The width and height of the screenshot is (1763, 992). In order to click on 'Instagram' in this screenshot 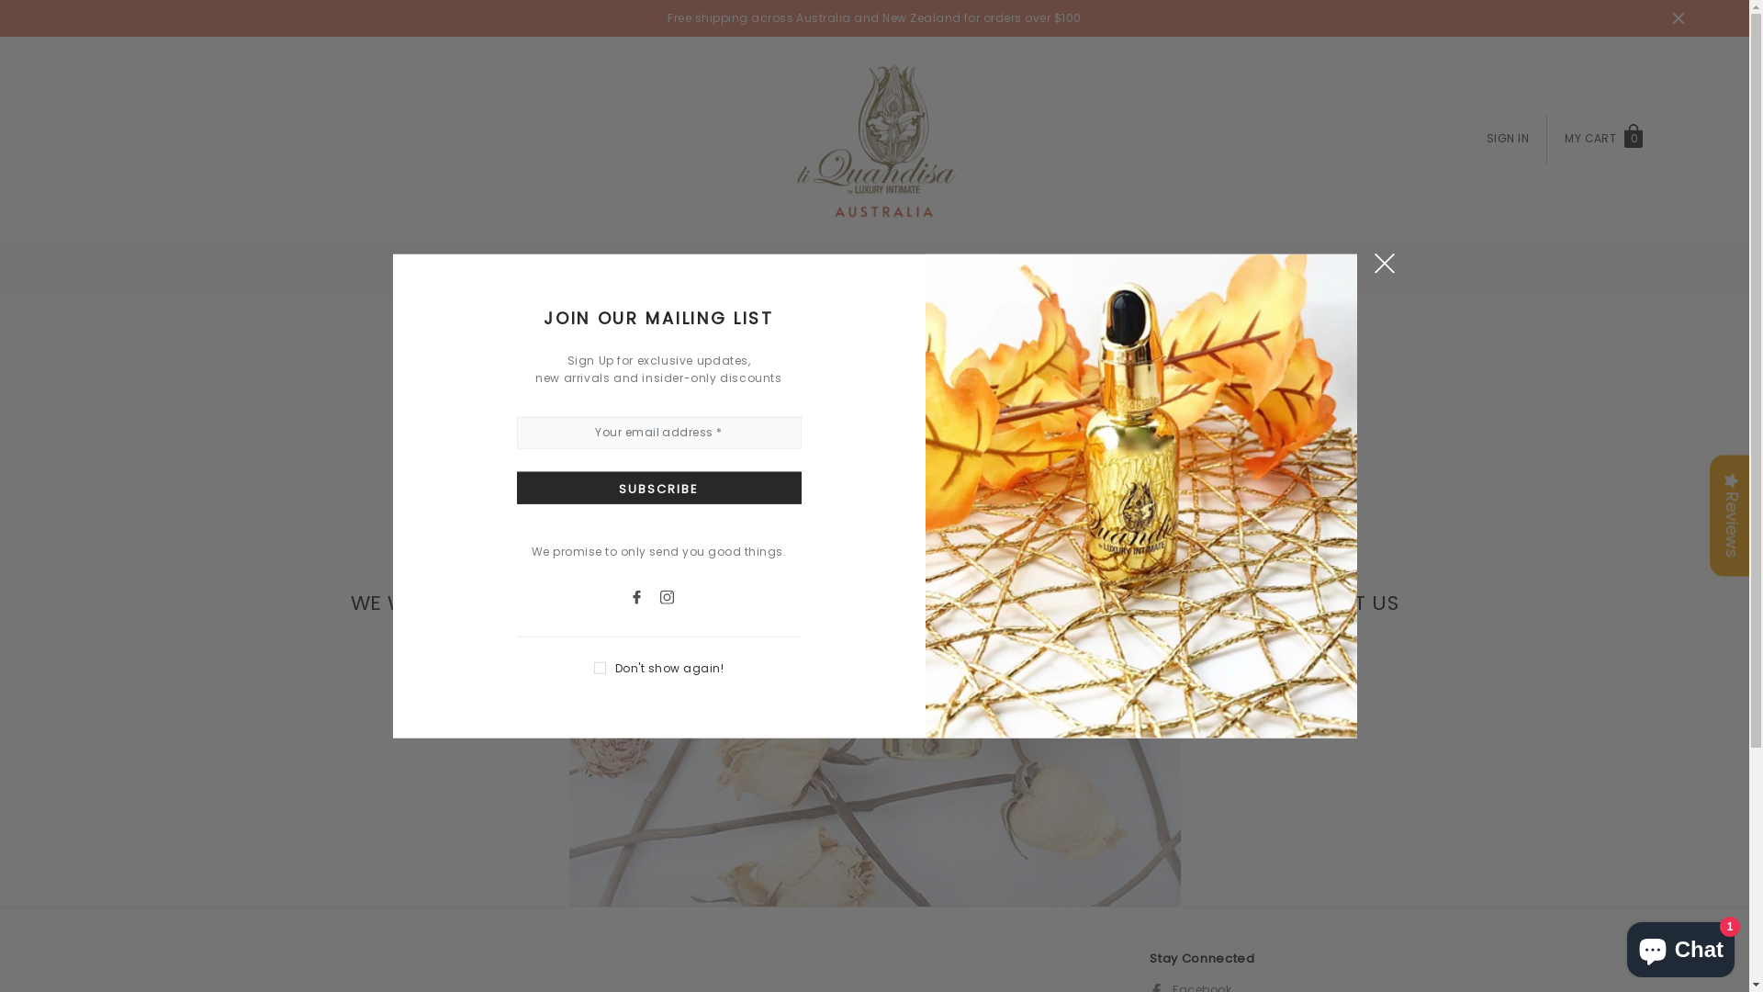, I will do `click(673, 595)`.